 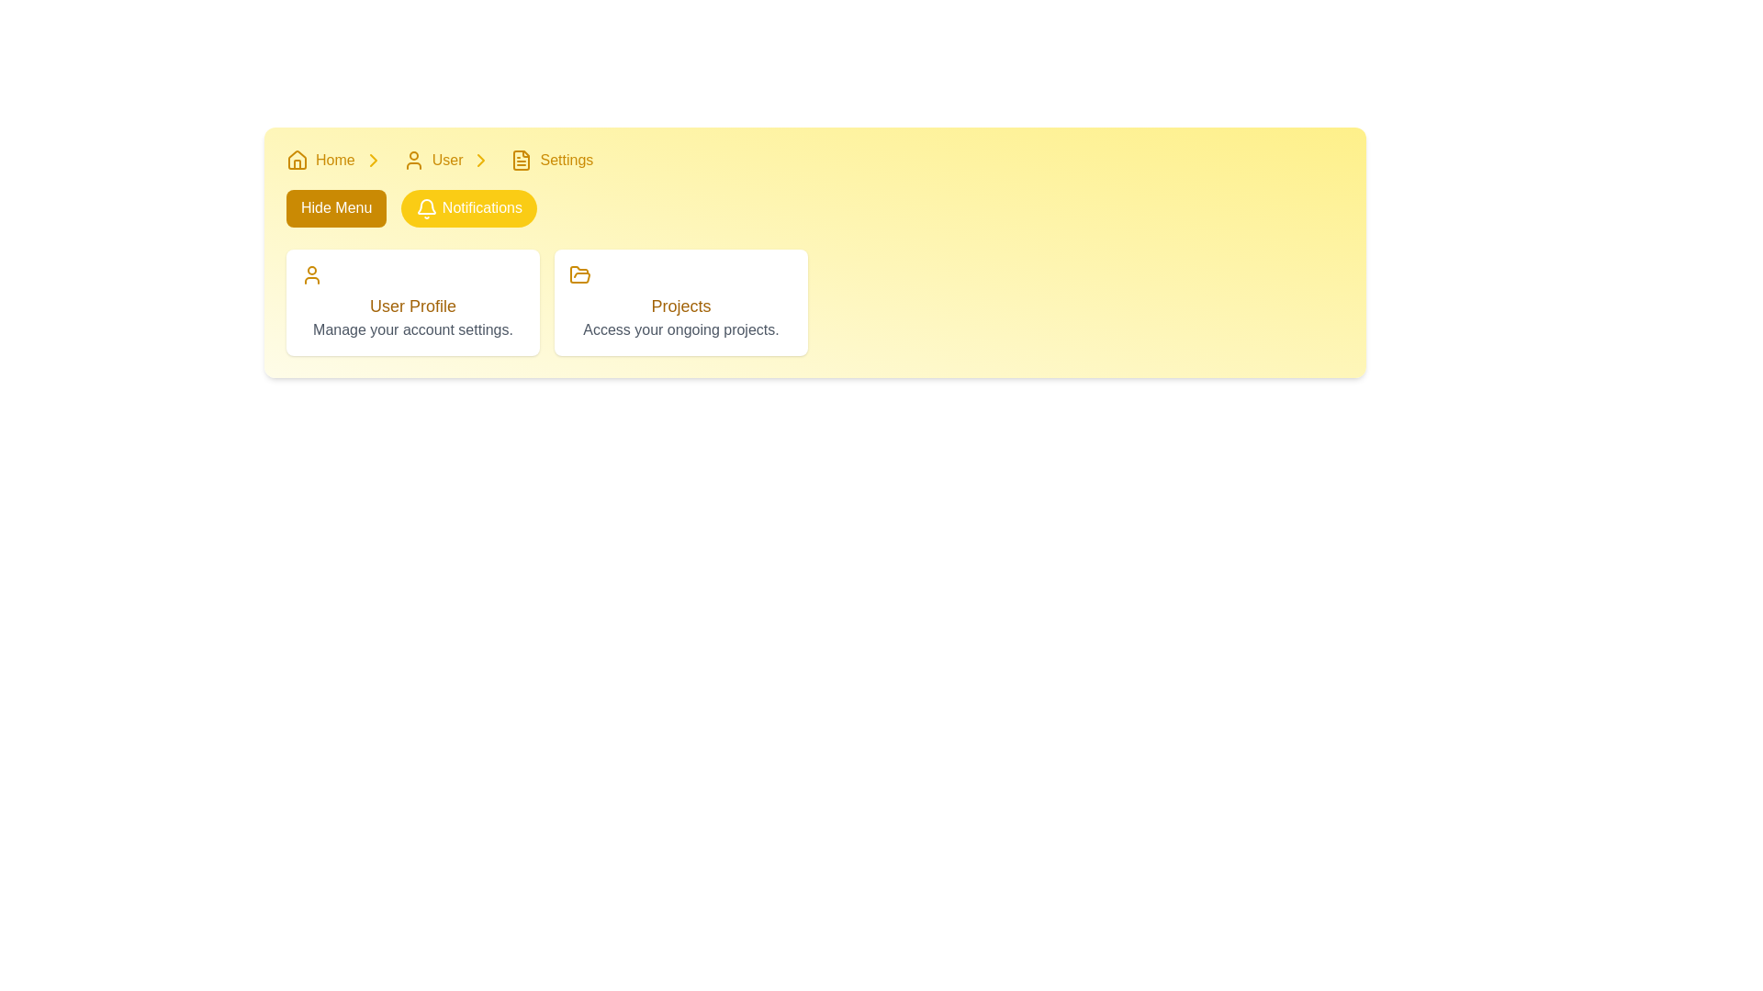 I want to click on the Navigation link with a user outline icon and yellow text, so click(x=432, y=159).